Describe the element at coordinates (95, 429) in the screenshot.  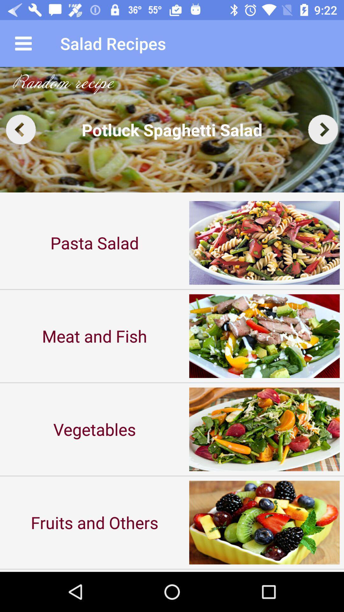
I see `vegetables` at that location.